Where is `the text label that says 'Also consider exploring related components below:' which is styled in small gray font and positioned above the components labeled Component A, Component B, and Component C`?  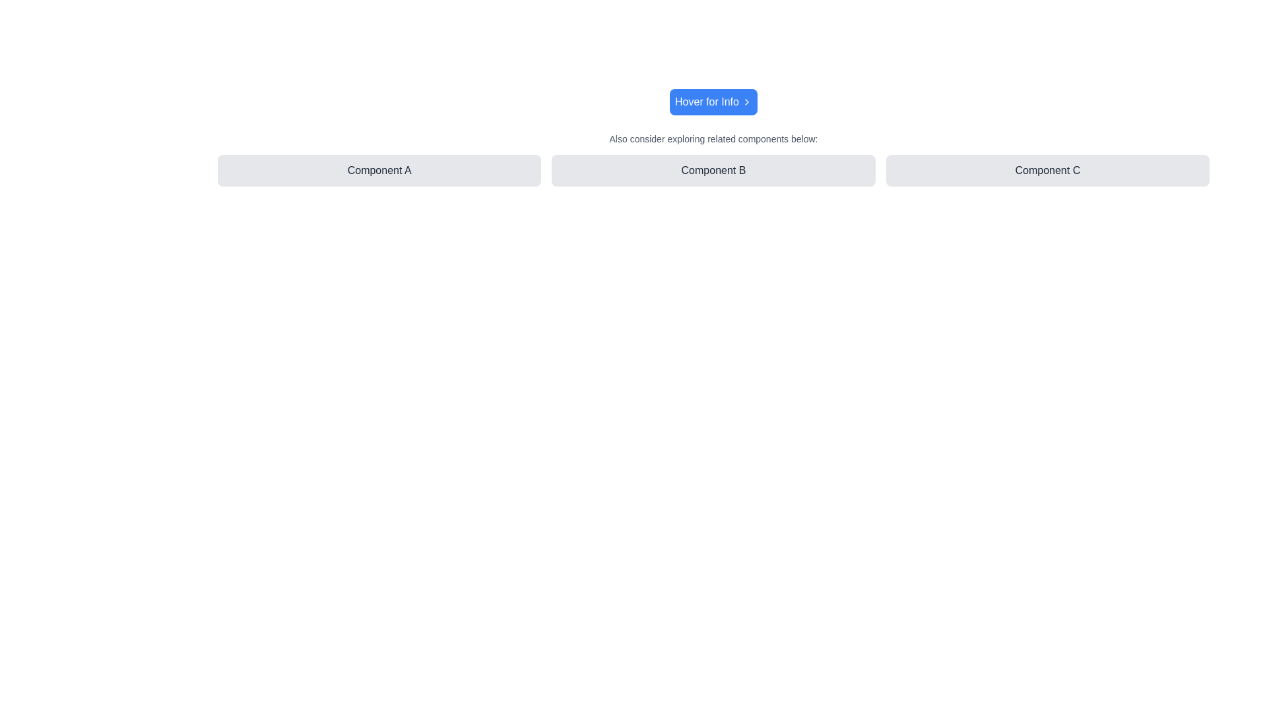
the text label that says 'Also consider exploring related components below:' which is styled in small gray font and positioned above the components labeled Component A, Component B, and Component C is located at coordinates (713, 139).